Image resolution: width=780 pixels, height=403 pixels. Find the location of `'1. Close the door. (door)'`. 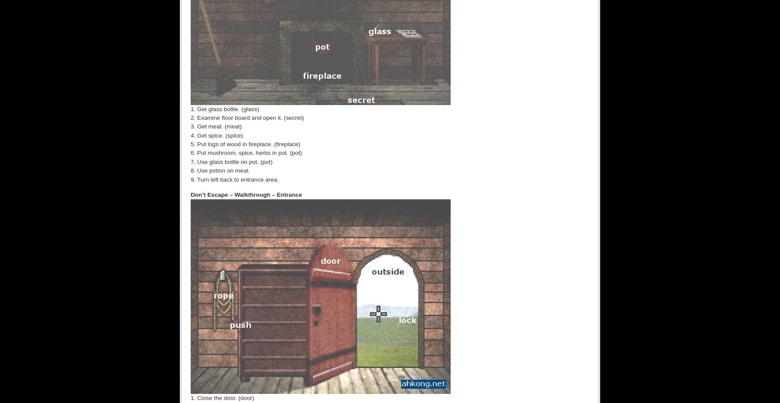

'1. Close the door. (door)' is located at coordinates (222, 398).